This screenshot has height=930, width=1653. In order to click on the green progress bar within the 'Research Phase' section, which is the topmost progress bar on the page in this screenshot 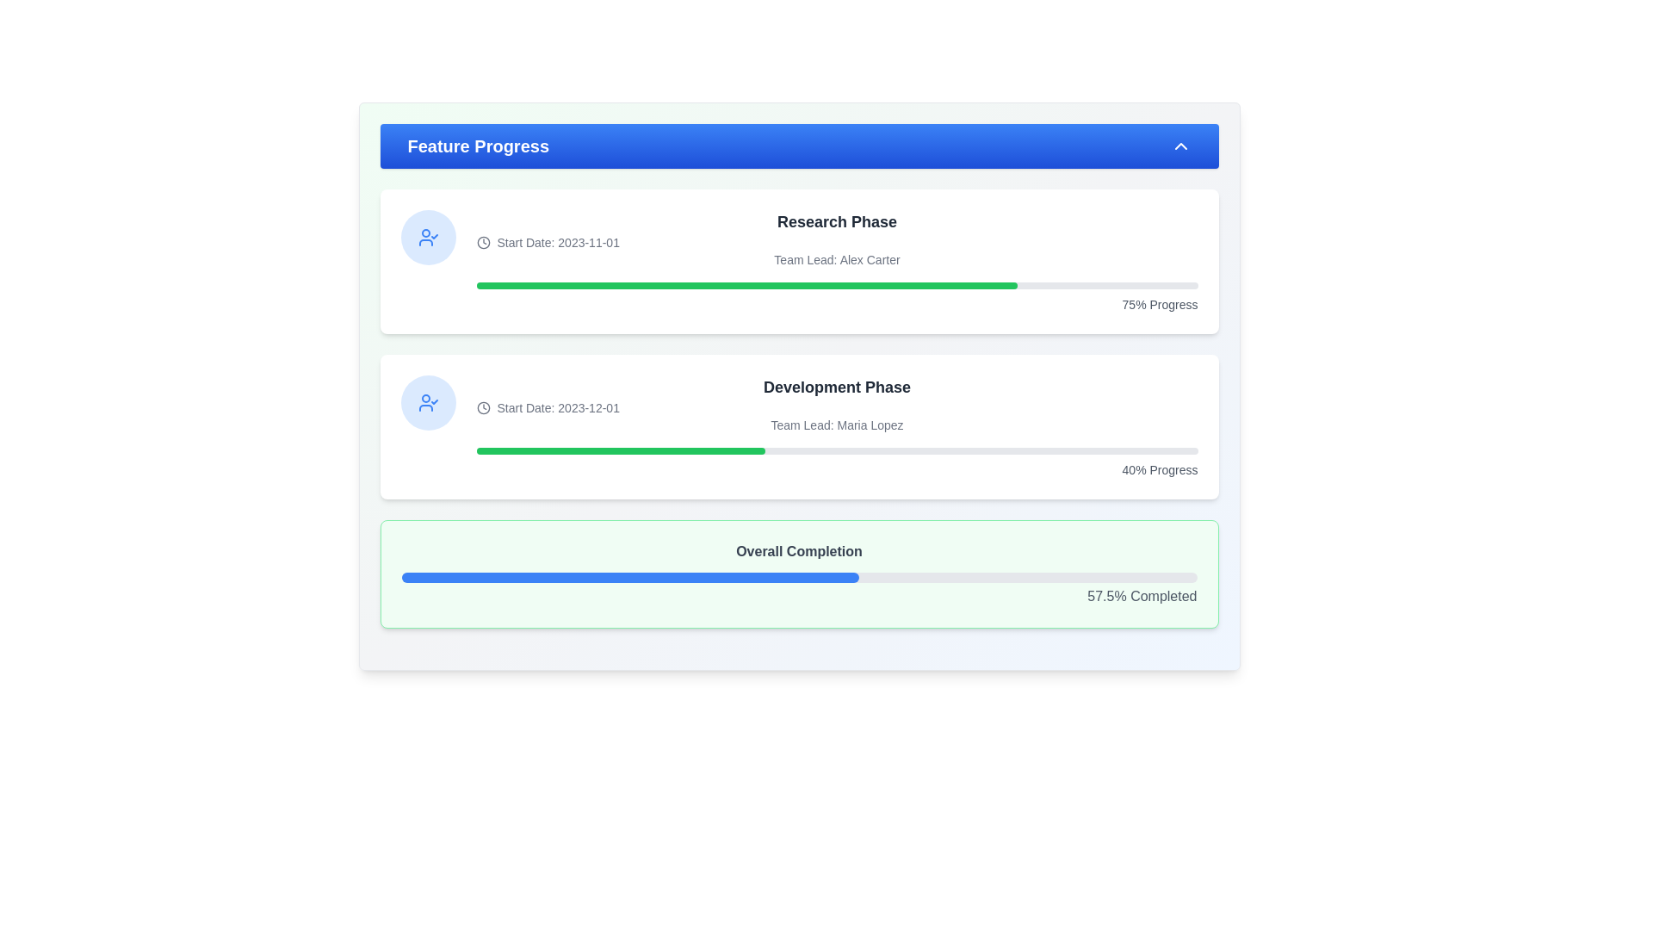, I will do `click(746, 284)`.